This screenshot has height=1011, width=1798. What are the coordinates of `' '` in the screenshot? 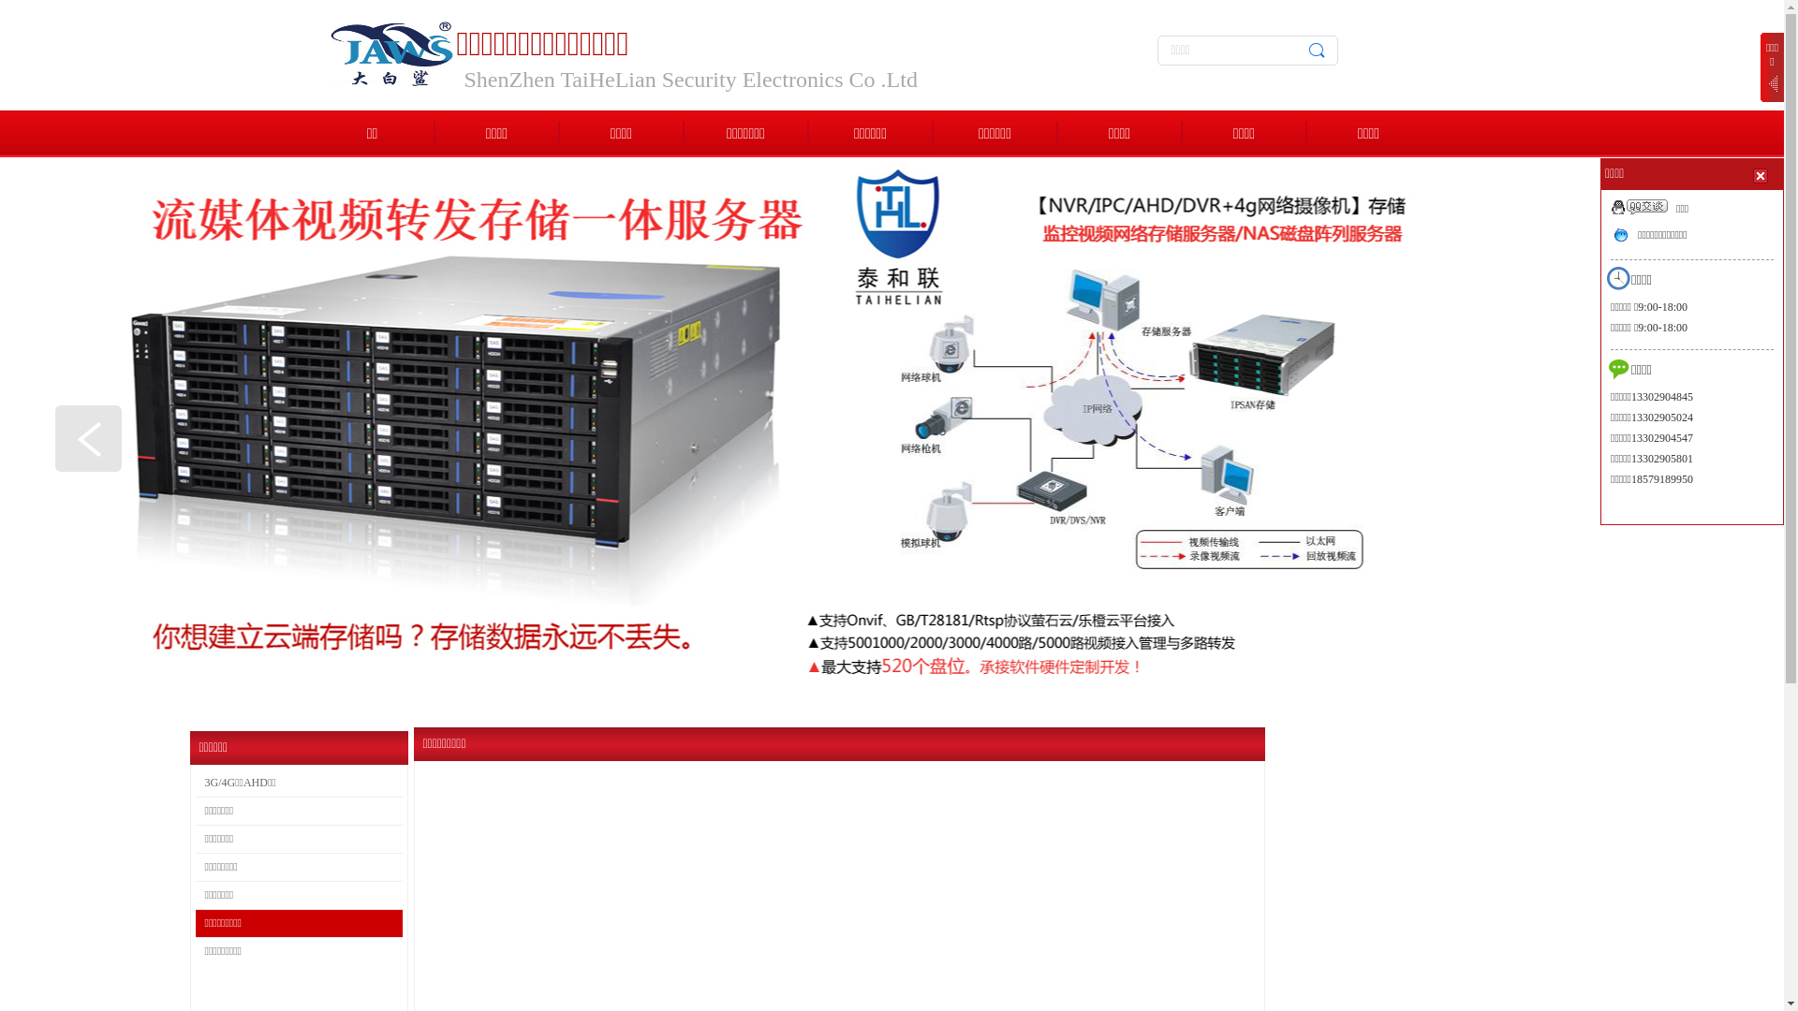 It's located at (1752, 174).